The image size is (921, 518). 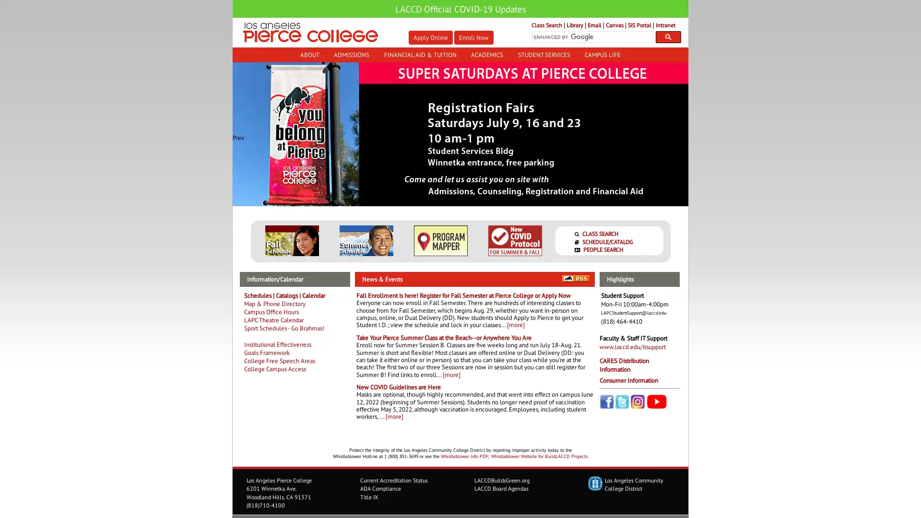 What do you see at coordinates (487, 55) in the screenshot?
I see `ACADEMICS` at bounding box center [487, 55].